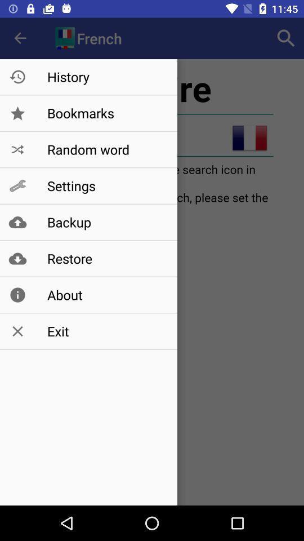  I want to click on about, so click(106, 294).